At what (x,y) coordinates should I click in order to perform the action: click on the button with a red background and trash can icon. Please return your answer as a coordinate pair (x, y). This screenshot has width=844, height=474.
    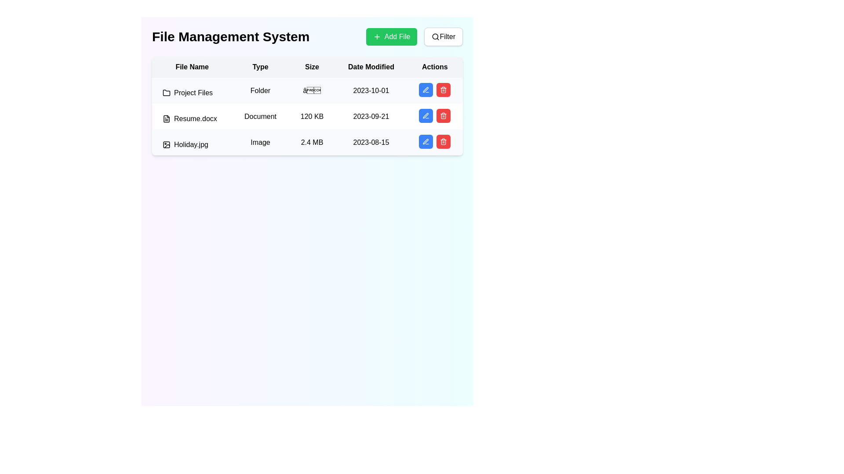
    Looking at the image, I should click on (444, 115).